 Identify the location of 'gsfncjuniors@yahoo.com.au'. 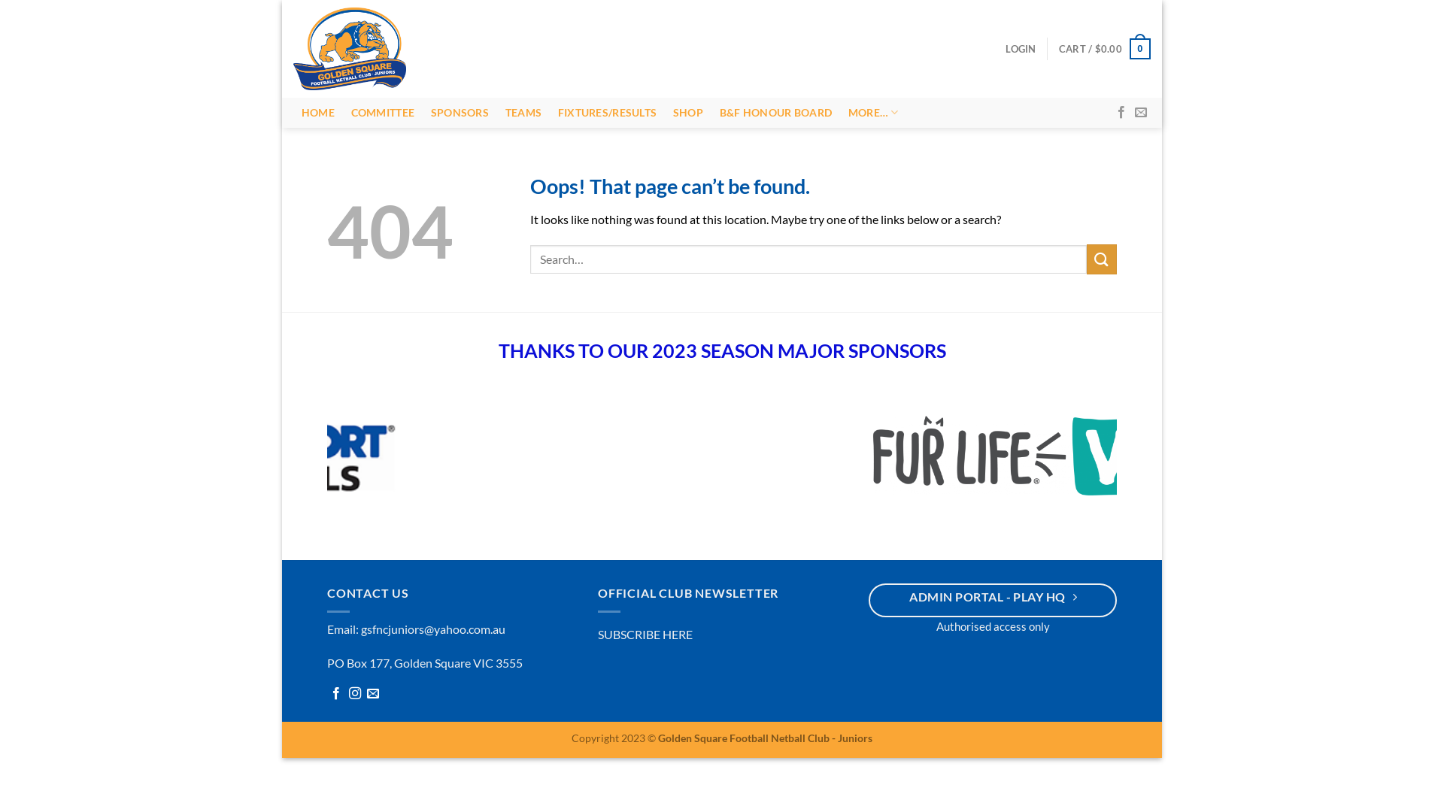
(432, 632).